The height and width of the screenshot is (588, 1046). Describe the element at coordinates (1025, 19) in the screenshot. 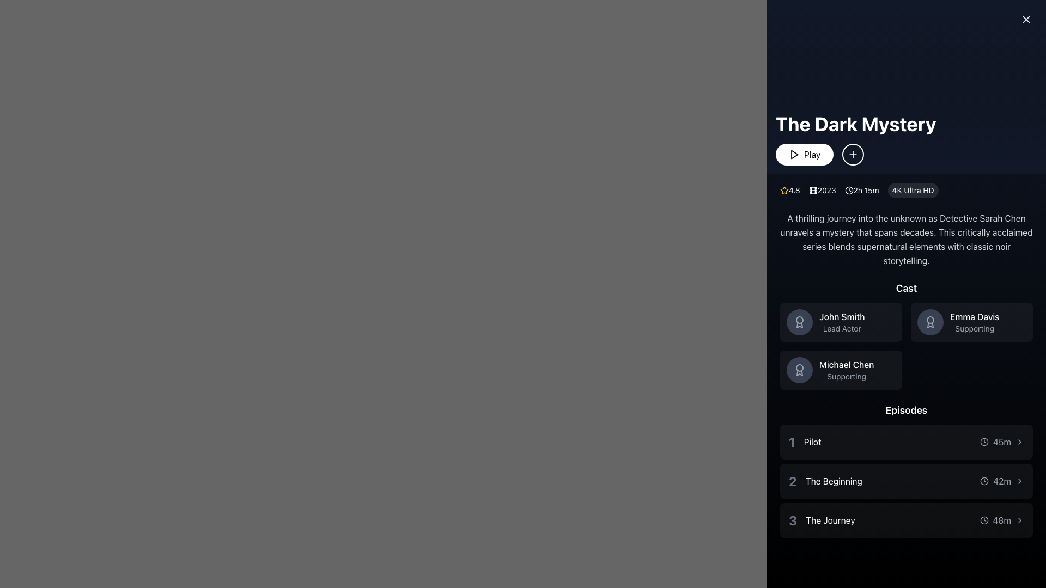

I see `the close button icon located in the top-right corner of the interface` at that location.